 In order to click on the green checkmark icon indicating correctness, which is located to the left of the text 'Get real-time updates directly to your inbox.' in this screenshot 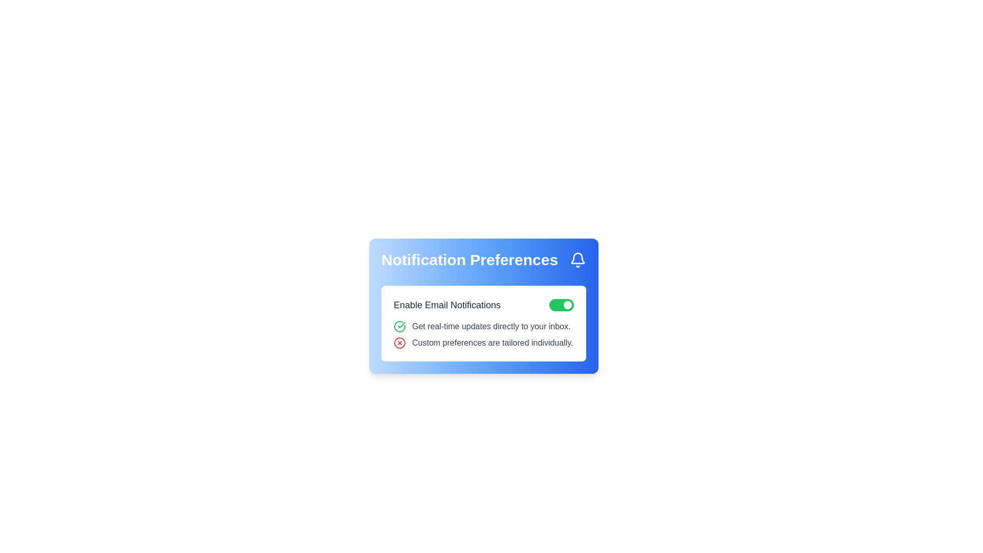, I will do `click(399, 326)`.